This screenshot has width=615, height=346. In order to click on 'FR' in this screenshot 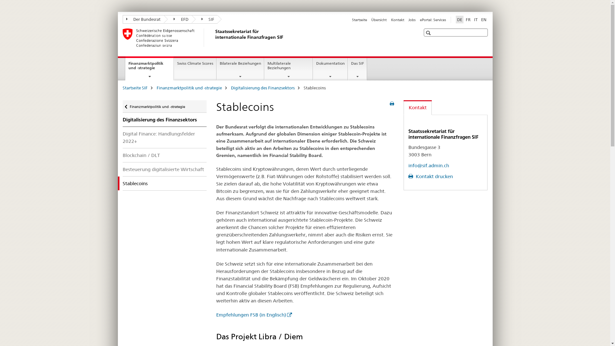, I will do `click(468, 19)`.